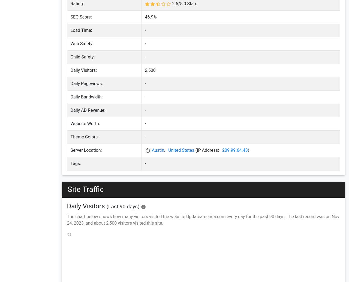  What do you see at coordinates (75, 163) in the screenshot?
I see `'Tags:'` at bounding box center [75, 163].